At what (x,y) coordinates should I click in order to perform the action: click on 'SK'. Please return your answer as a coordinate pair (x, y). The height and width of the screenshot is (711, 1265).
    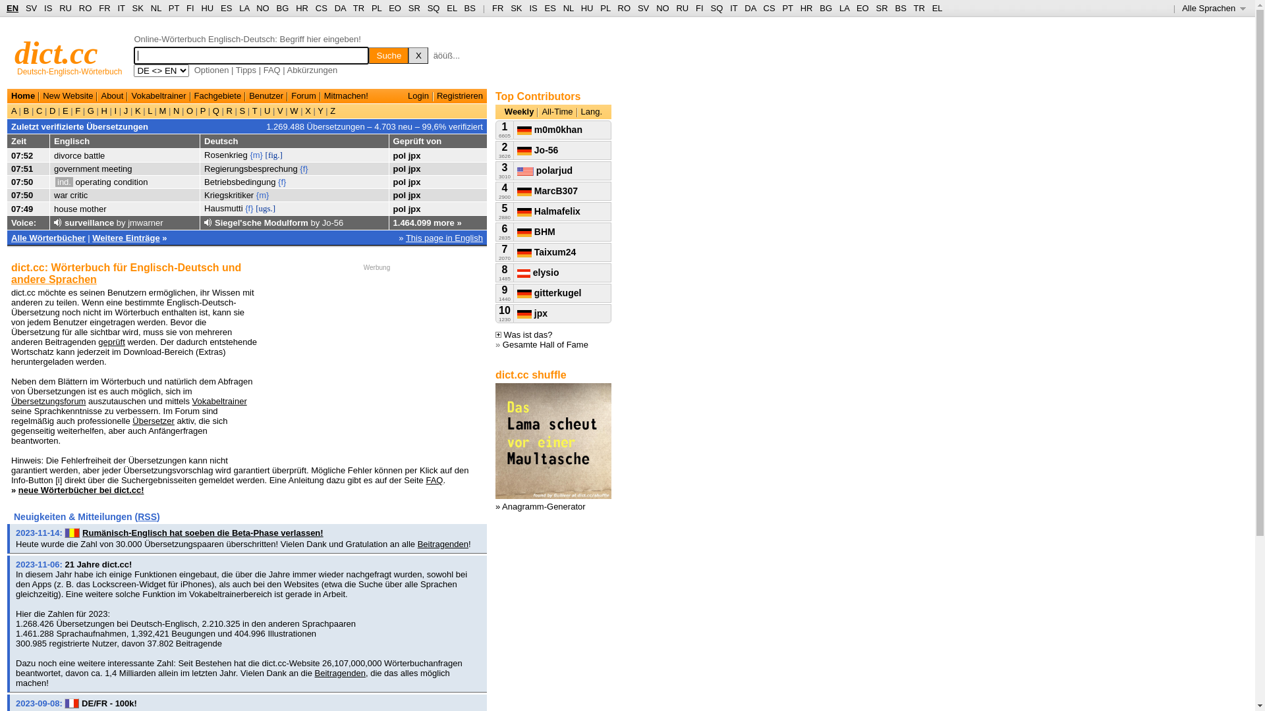
    Looking at the image, I should click on (515, 8).